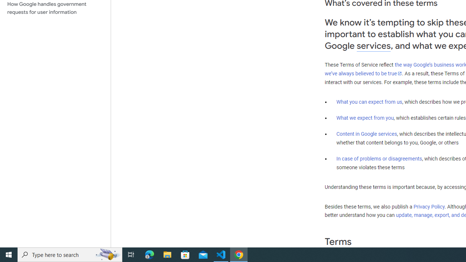 This screenshot has height=262, width=466. Describe the element at coordinates (369, 102) in the screenshot. I see `'What you can expect from us'` at that location.